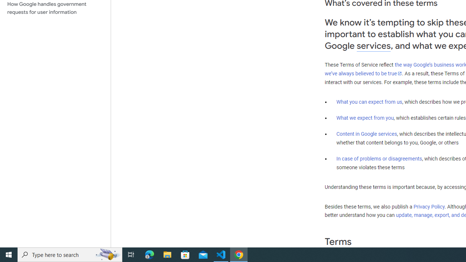 This screenshot has height=262, width=466. Describe the element at coordinates (369, 102) in the screenshot. I see `'What you can expect from us'` at that location.